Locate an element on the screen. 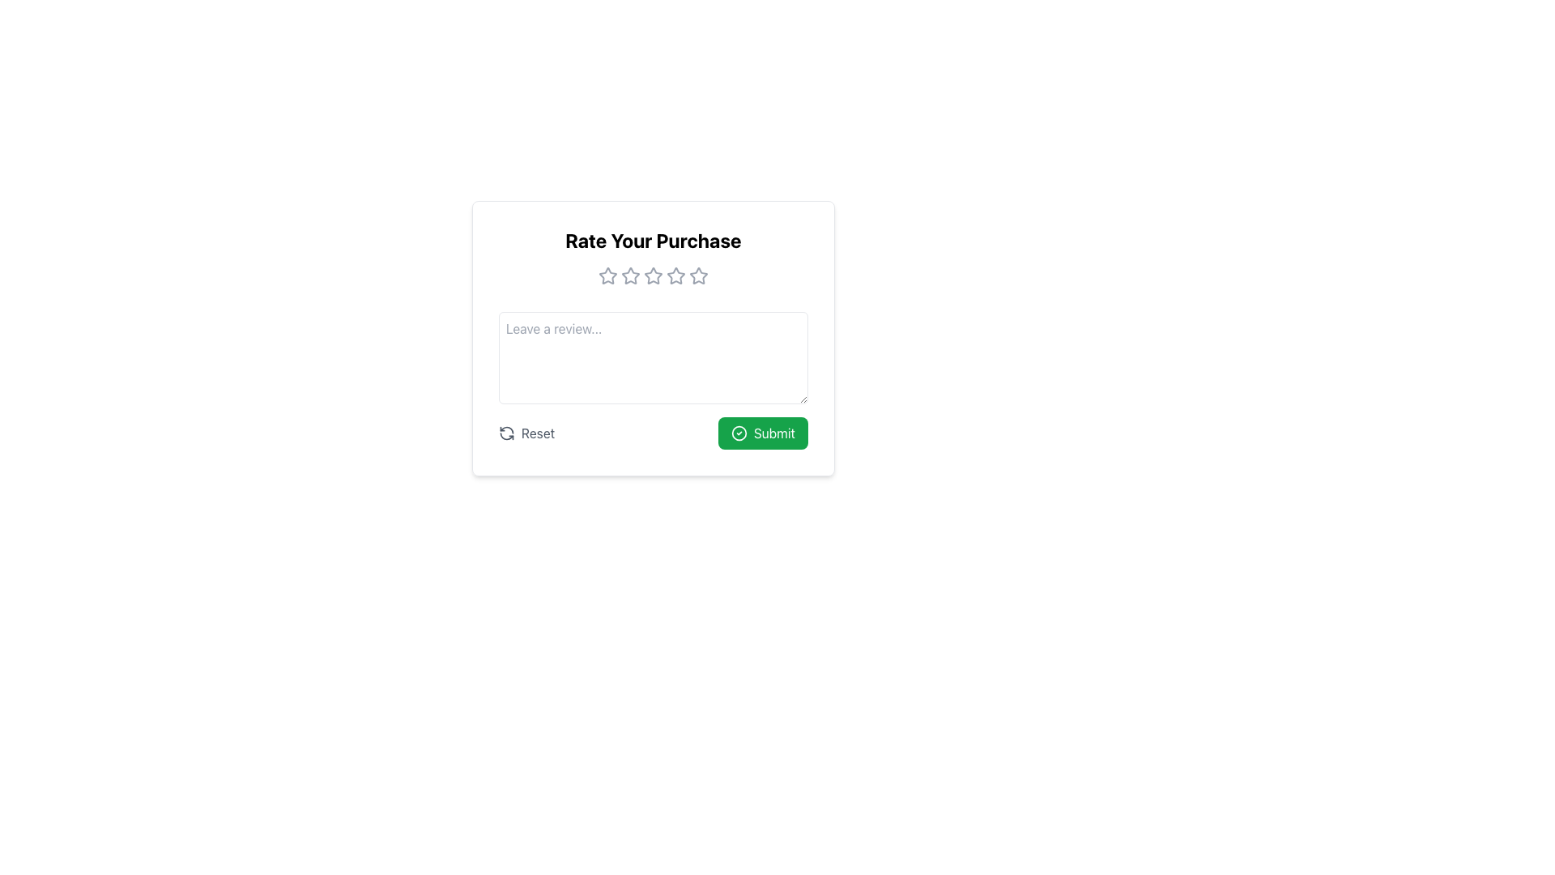 This screenshot has width=1555, height=875. the 'Reset' button, which is gray and transitions to darker gray upon hover, located to the left of the green 'Submit' button is located at coordinates (526, 433).